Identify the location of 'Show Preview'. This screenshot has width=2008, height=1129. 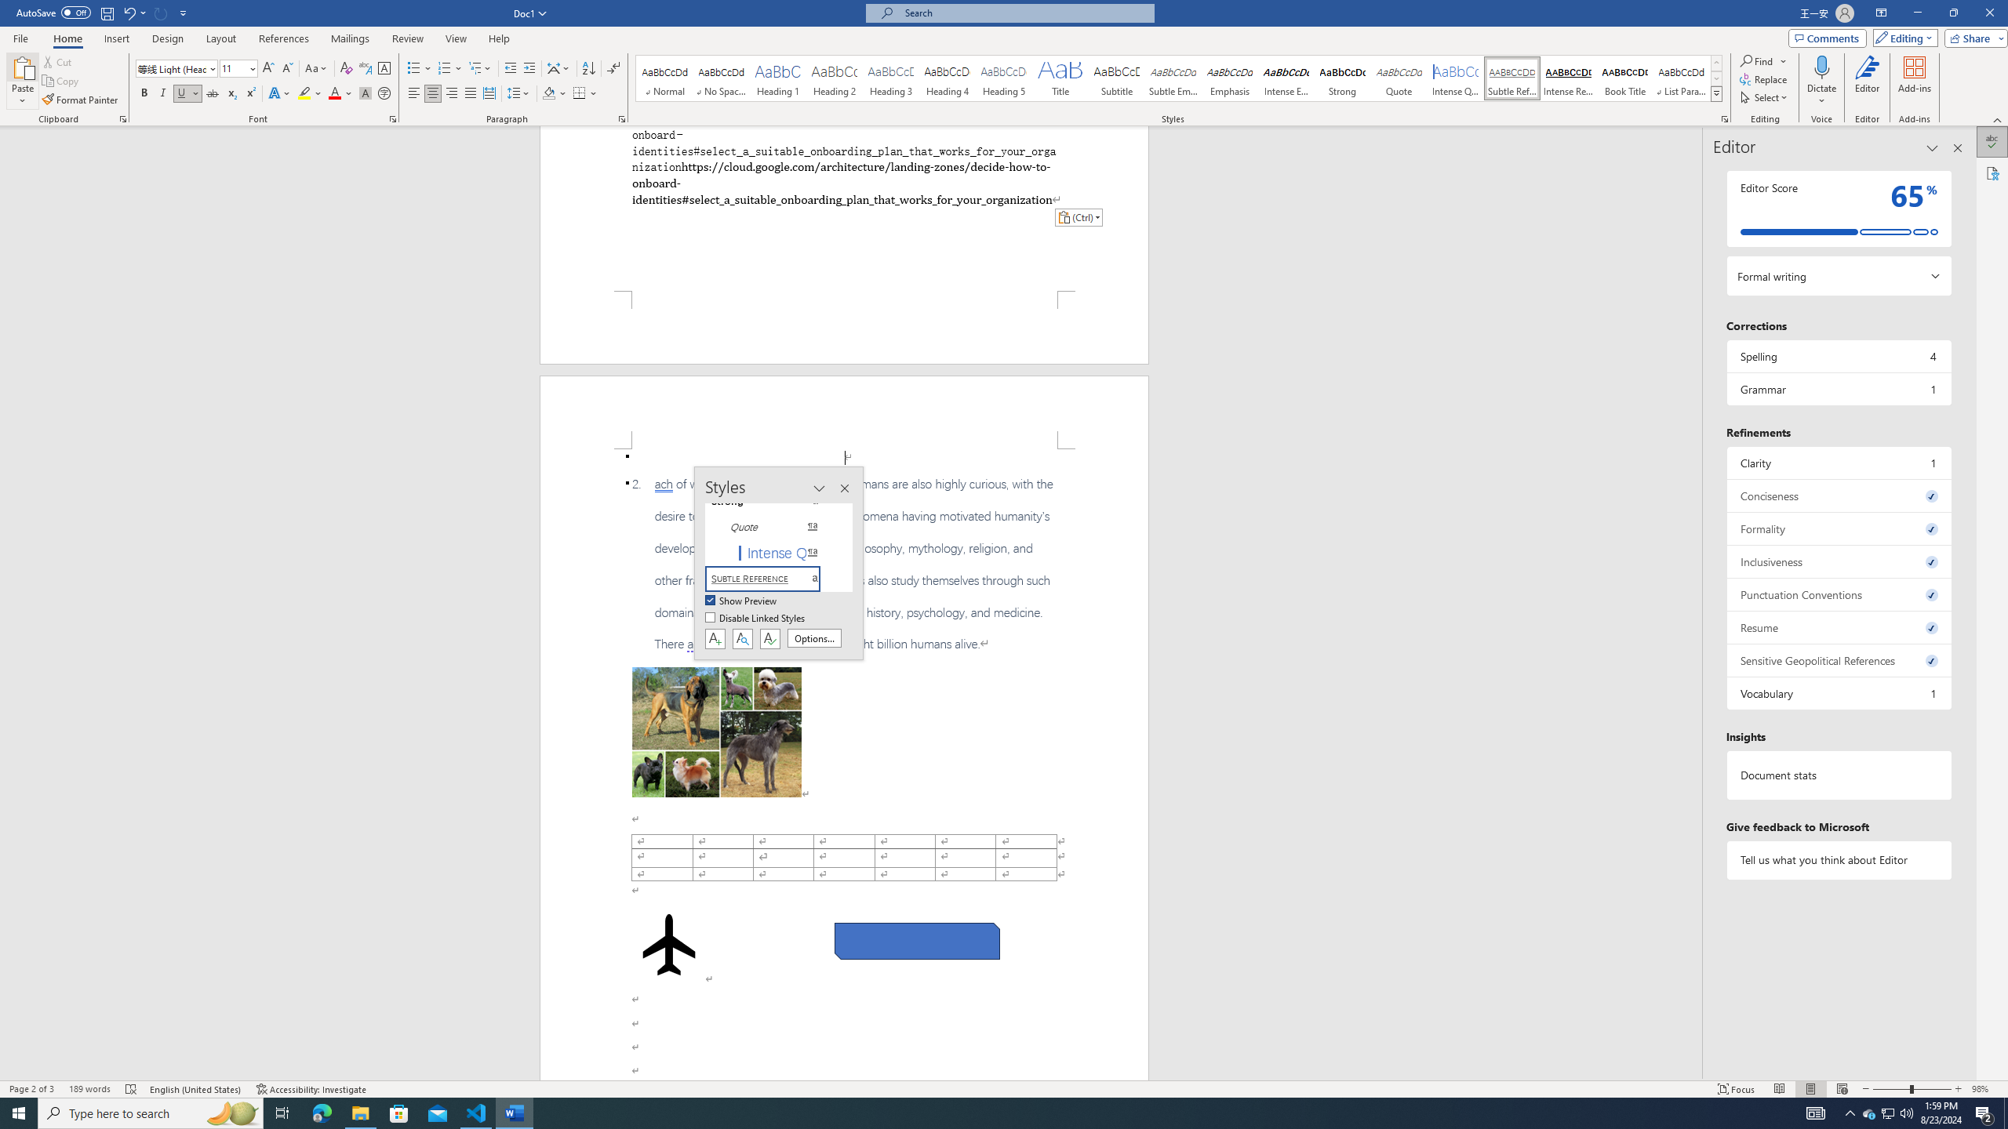
(741, 601).